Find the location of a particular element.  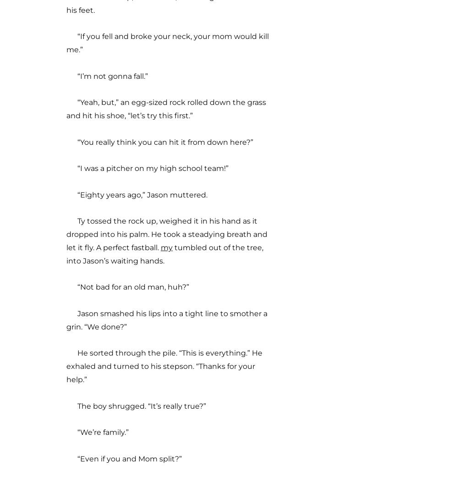

'He sorted through the pile. “This is everything.” He exhaled and turned to his stepson. “Thanks for your help.”' is located at coordinates (164, 366).